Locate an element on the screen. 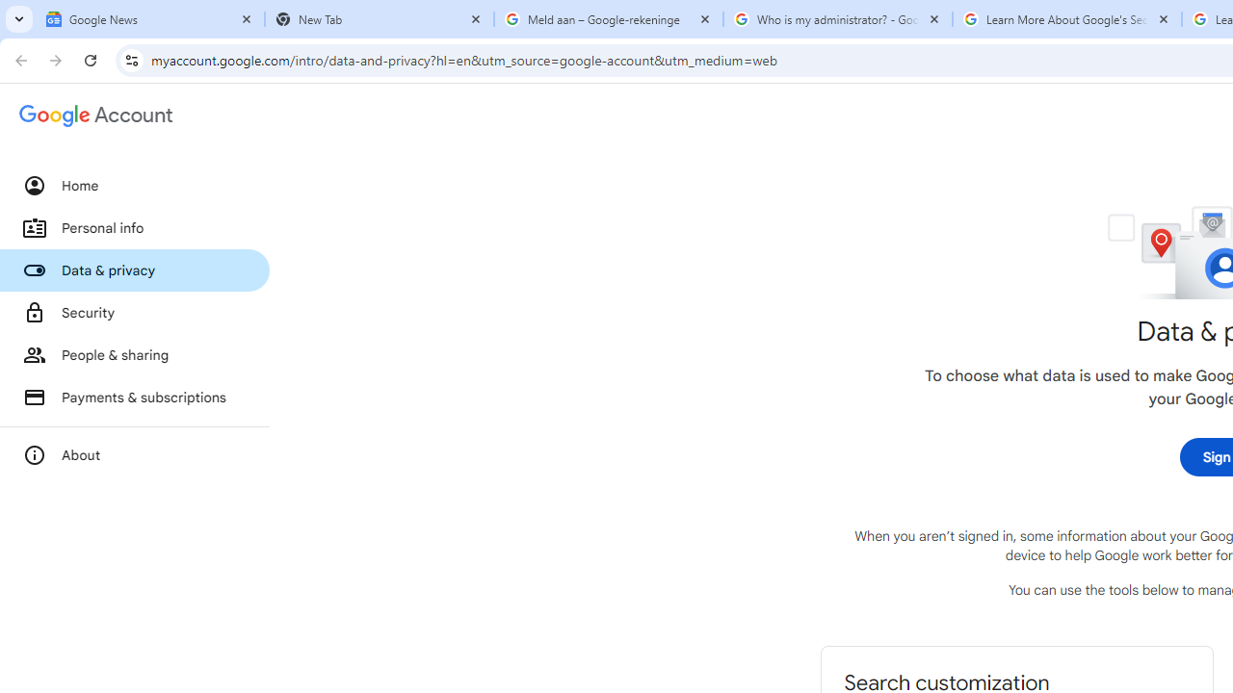 Image resolution: width=1233 pixels, height=693 pixels. 'New Tab' is located at coordinates (380, 19).